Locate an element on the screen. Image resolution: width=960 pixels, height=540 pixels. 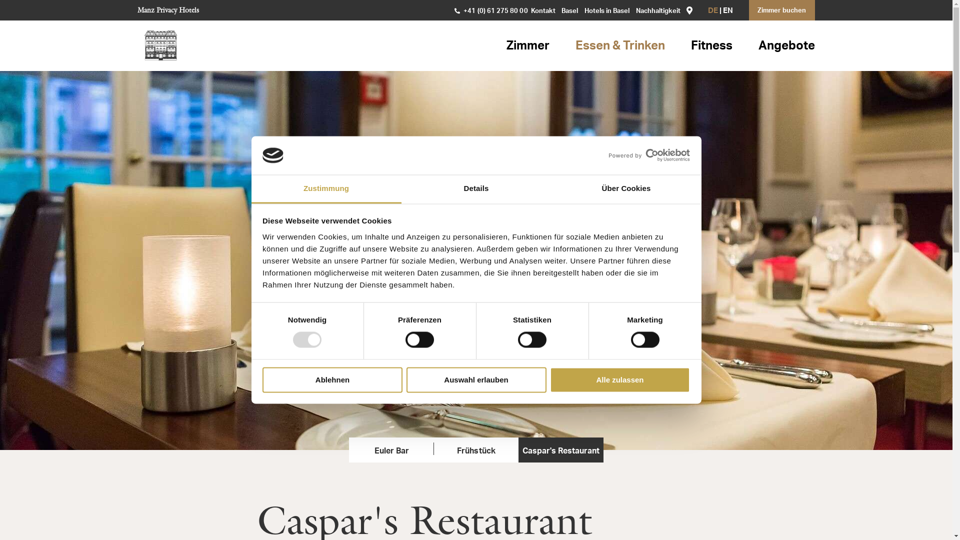
'Essen & Trinken' is located at coordinates (619, 46).